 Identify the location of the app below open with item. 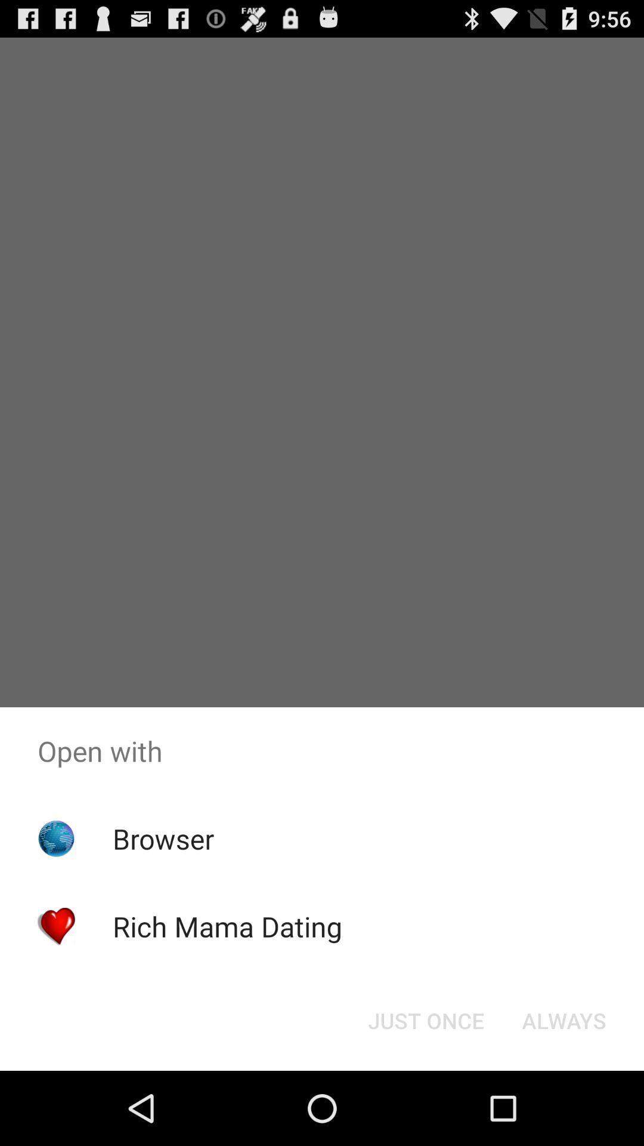
(163, 838).